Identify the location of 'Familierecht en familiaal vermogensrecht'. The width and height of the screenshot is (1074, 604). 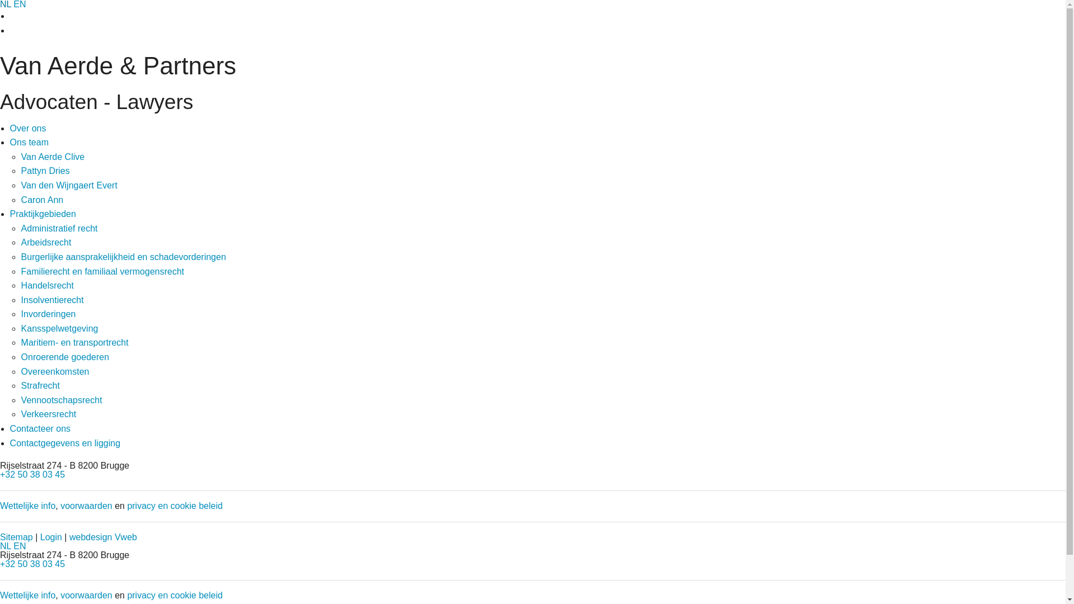
(102, 271).